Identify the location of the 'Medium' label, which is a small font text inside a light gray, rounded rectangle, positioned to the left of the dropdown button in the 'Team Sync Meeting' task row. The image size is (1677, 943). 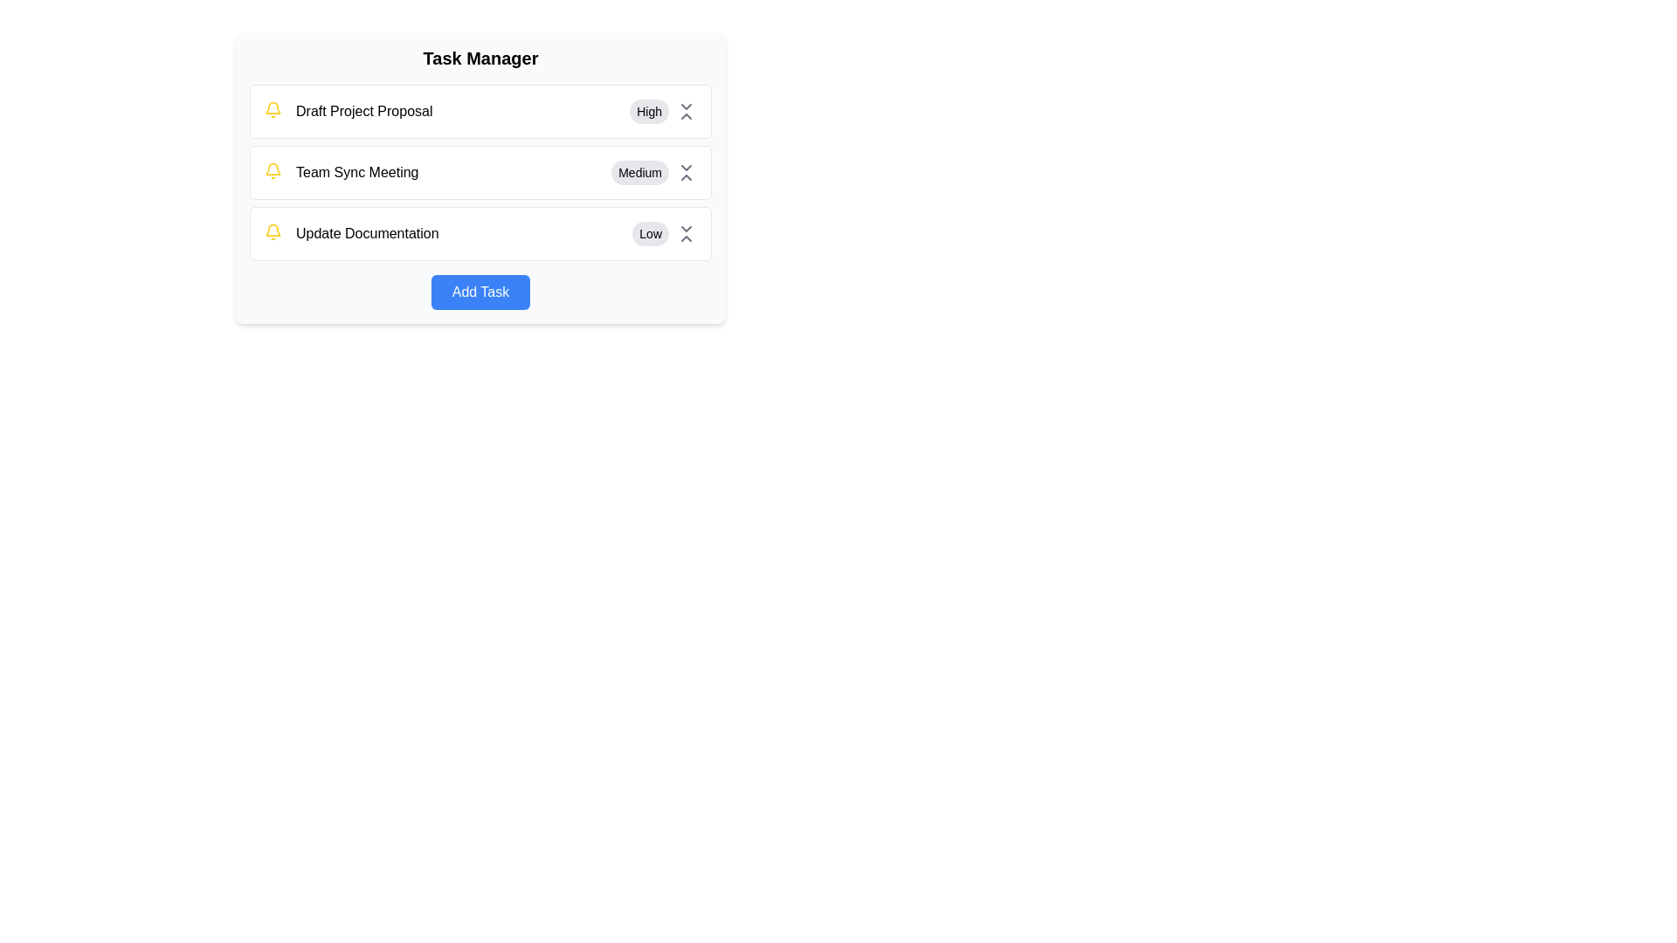
(639, 172).